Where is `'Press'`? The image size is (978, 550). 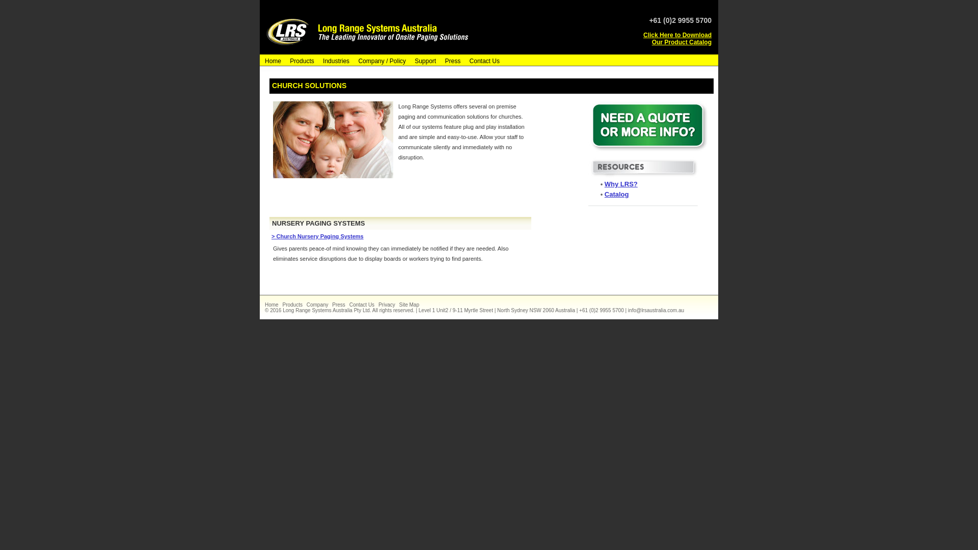 'Press' is located at coordinates (451, 61).